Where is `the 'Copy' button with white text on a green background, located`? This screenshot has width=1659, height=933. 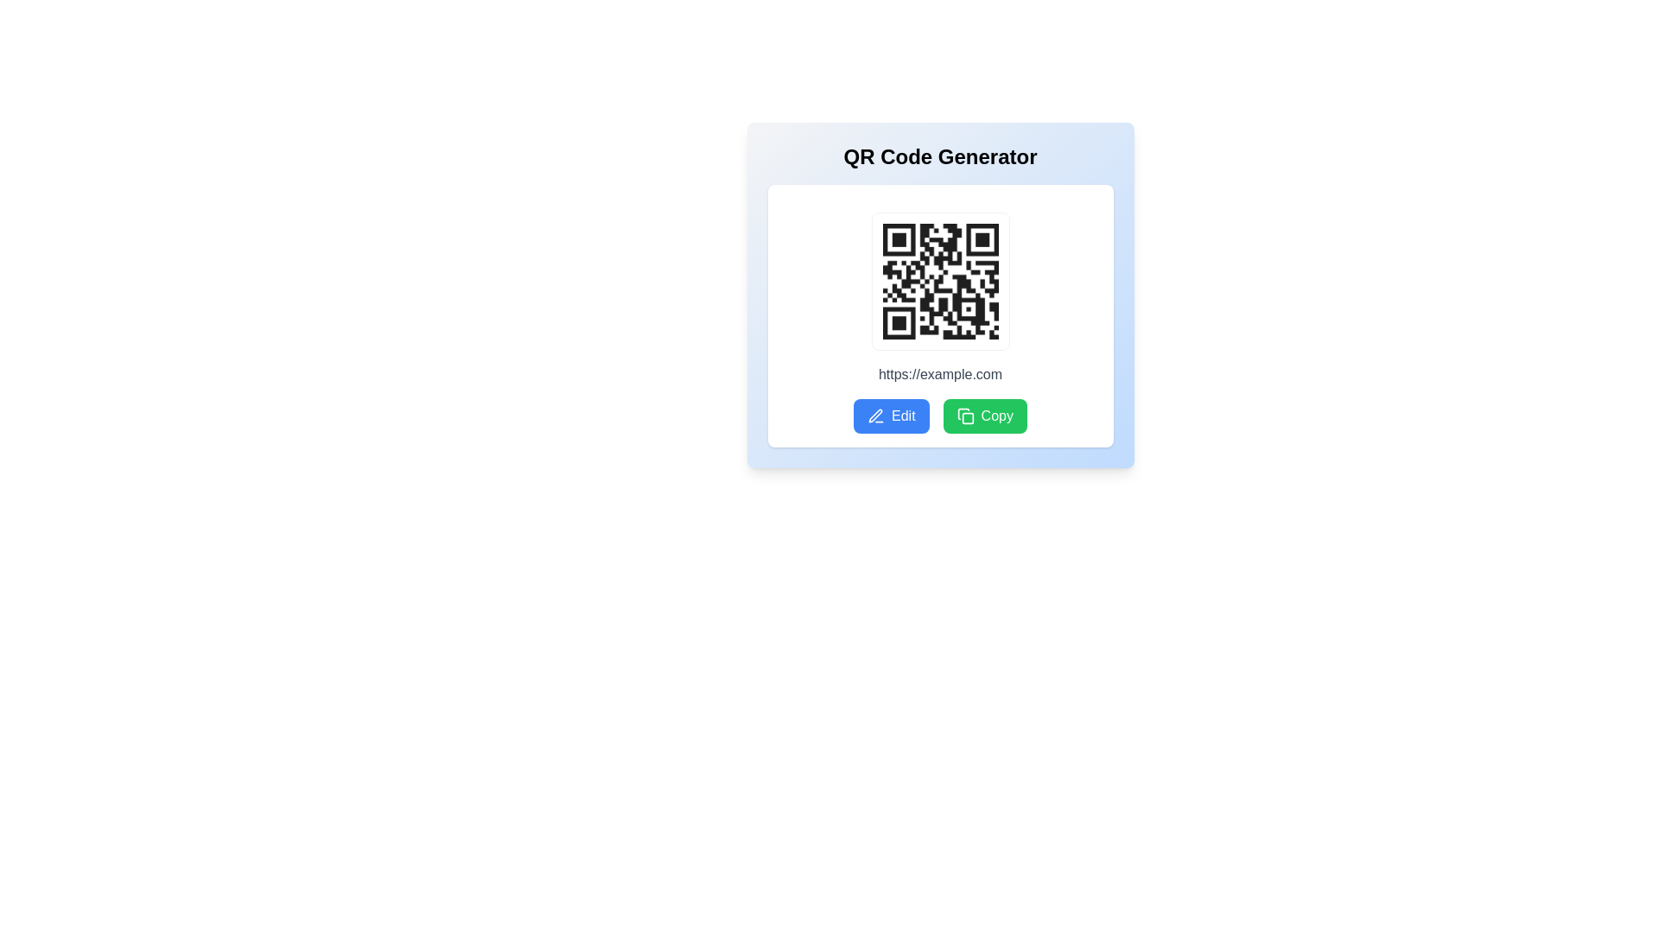
the 'Copy' button with white text on a green background, located is located at coordinates (985, 416).